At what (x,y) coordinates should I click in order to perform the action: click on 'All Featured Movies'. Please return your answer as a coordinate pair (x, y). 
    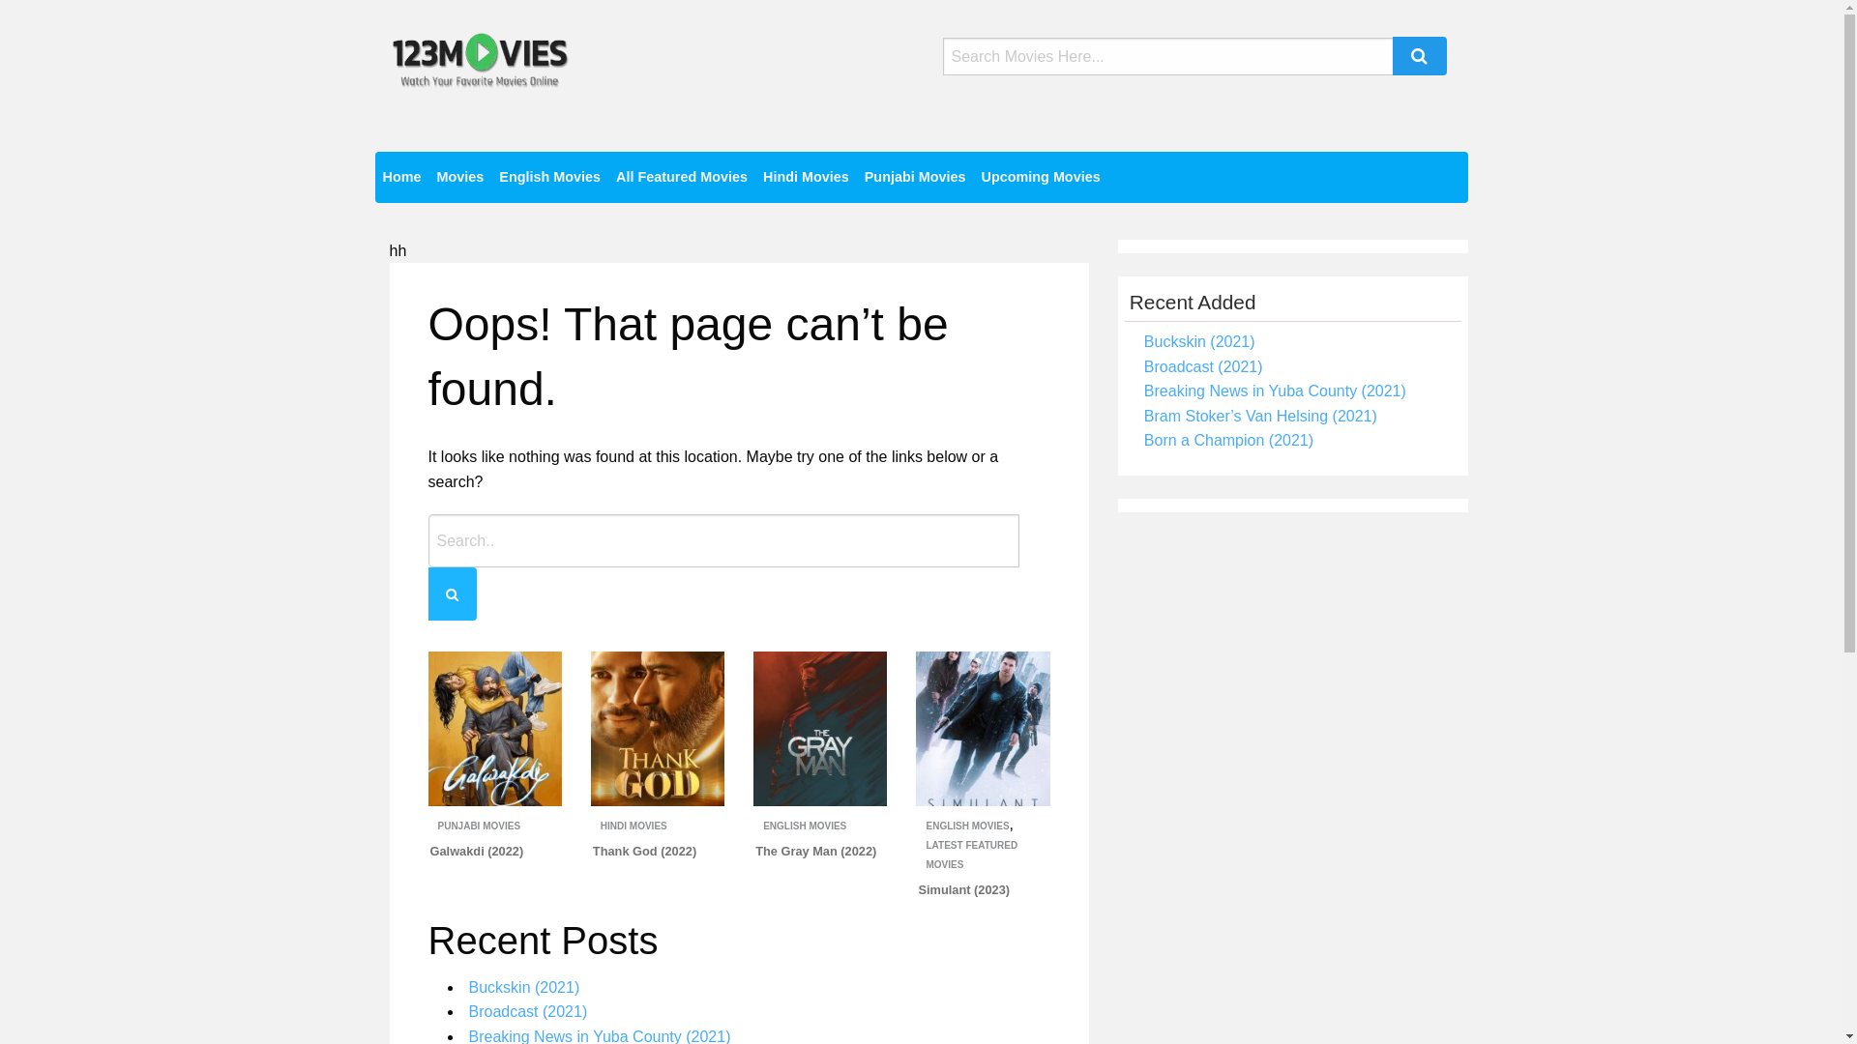
    Looking at the image, I should click on (682, 177).